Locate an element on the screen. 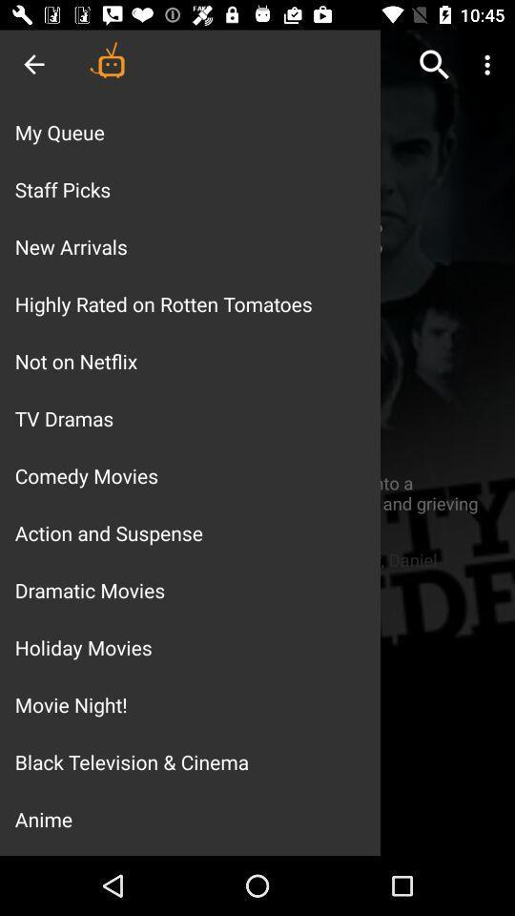  the add icon is located at coordinates (366, 238).